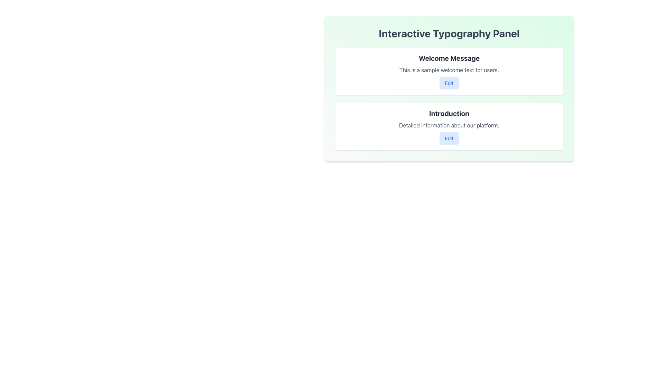  What do you see at coordinates (449, 126) in the screenshot?
I see `the 'Introduction' section` at bounding box center [449, 126].